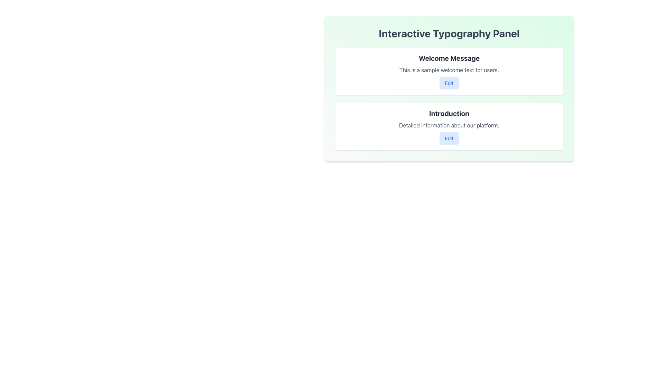  What do you see at coordinates (449, 126) in the screenshot?
I see `the 'Introduction' section` at bounding box center [449, 126].